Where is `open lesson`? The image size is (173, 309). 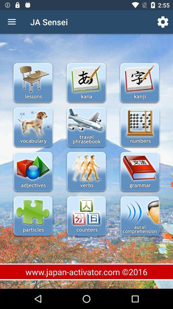
open lesson is located at coordinates (33, 172).